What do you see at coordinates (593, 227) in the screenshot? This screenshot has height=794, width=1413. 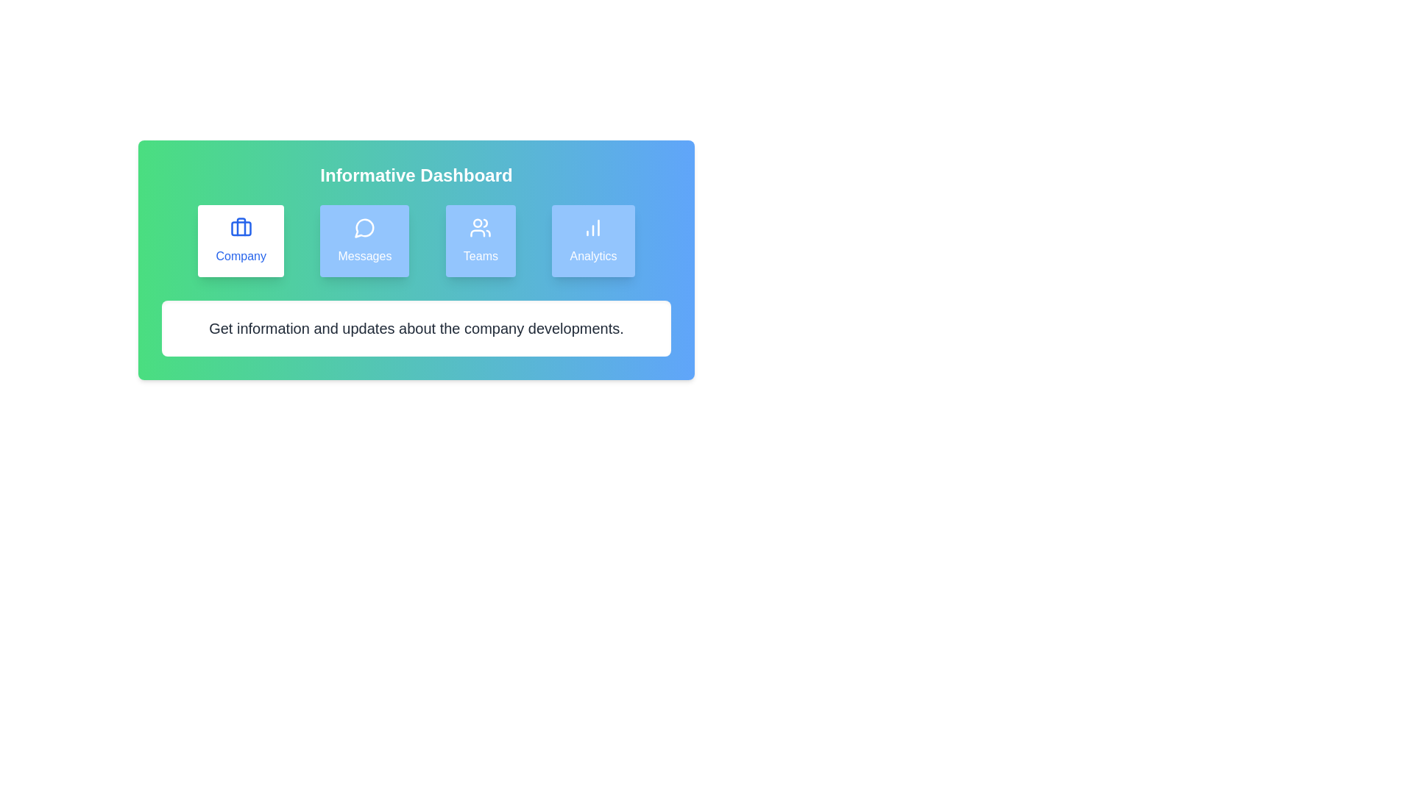 I see `the 'Analytics' button which contains the minimalist bar chart icon, positioned as the fourth button in a row of square buttons` at bounding box center [593, 227].